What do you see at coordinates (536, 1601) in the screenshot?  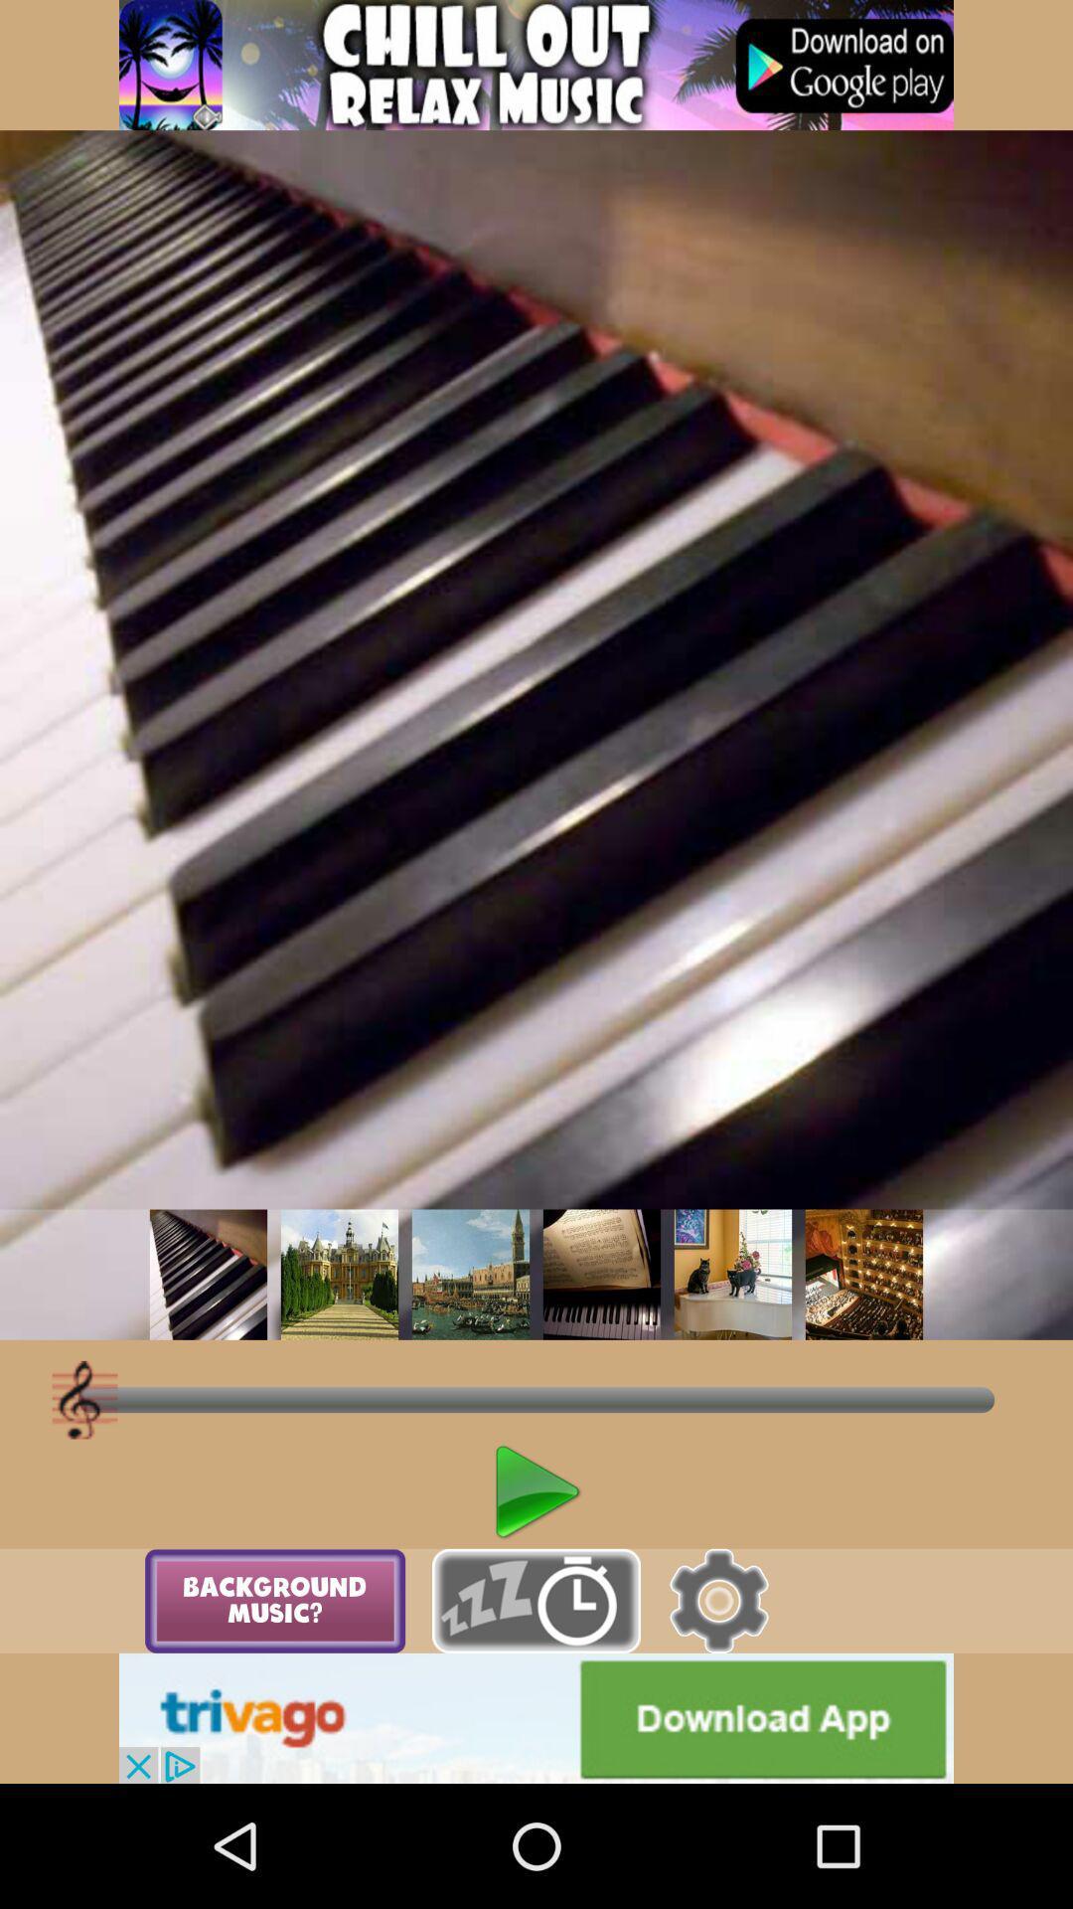 I see `alarm option` at bounding box center [536, 1601].